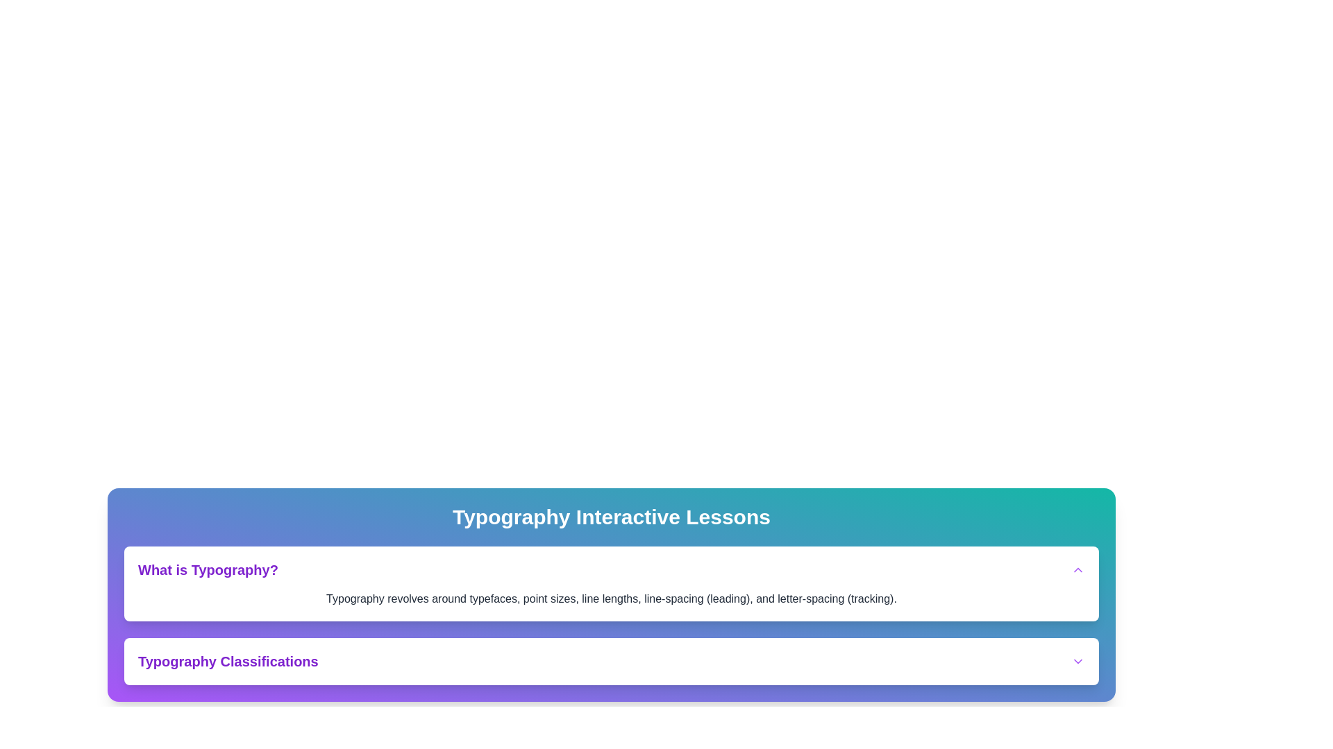 The image size is (1333, 749). I want to click on the small upward-pointing chevron arrow icon located in the top-right corner of the 'What is Typography?' section to change its color, so click(1078, 569).